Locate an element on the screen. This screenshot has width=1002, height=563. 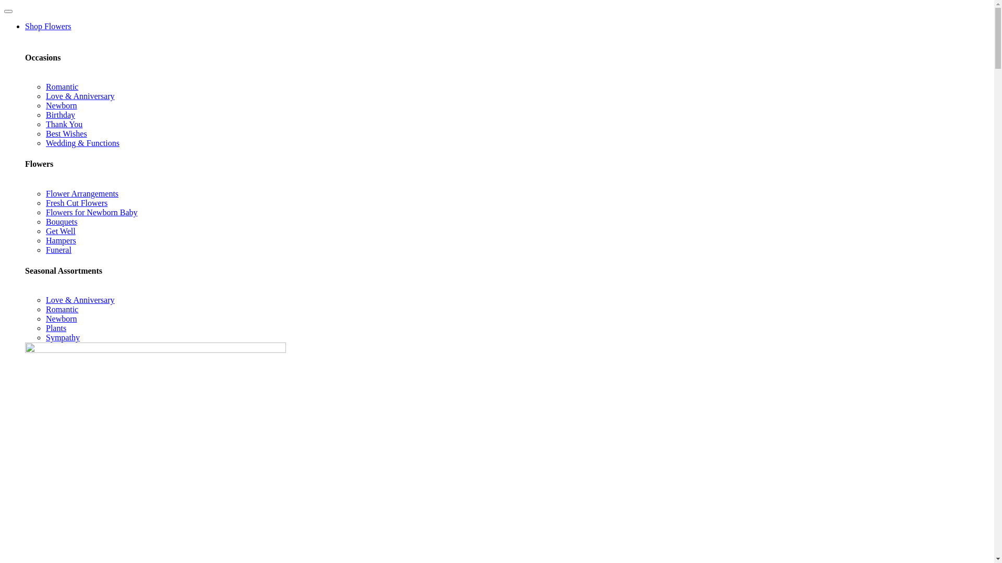
'Funeral' is located at coordinates (58, 250).